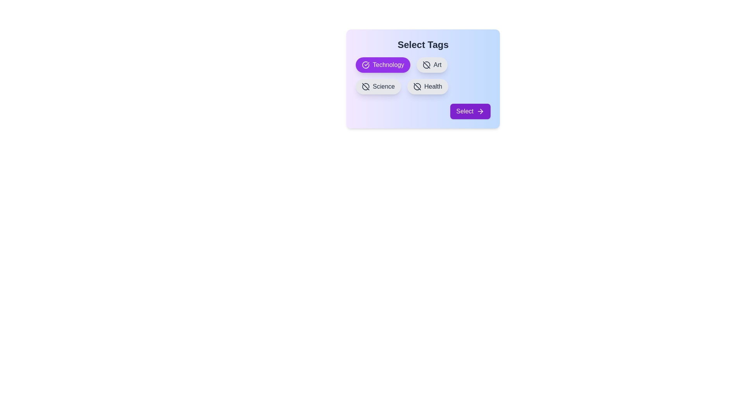  I want to click on the tag Technology, so click(383, 65).